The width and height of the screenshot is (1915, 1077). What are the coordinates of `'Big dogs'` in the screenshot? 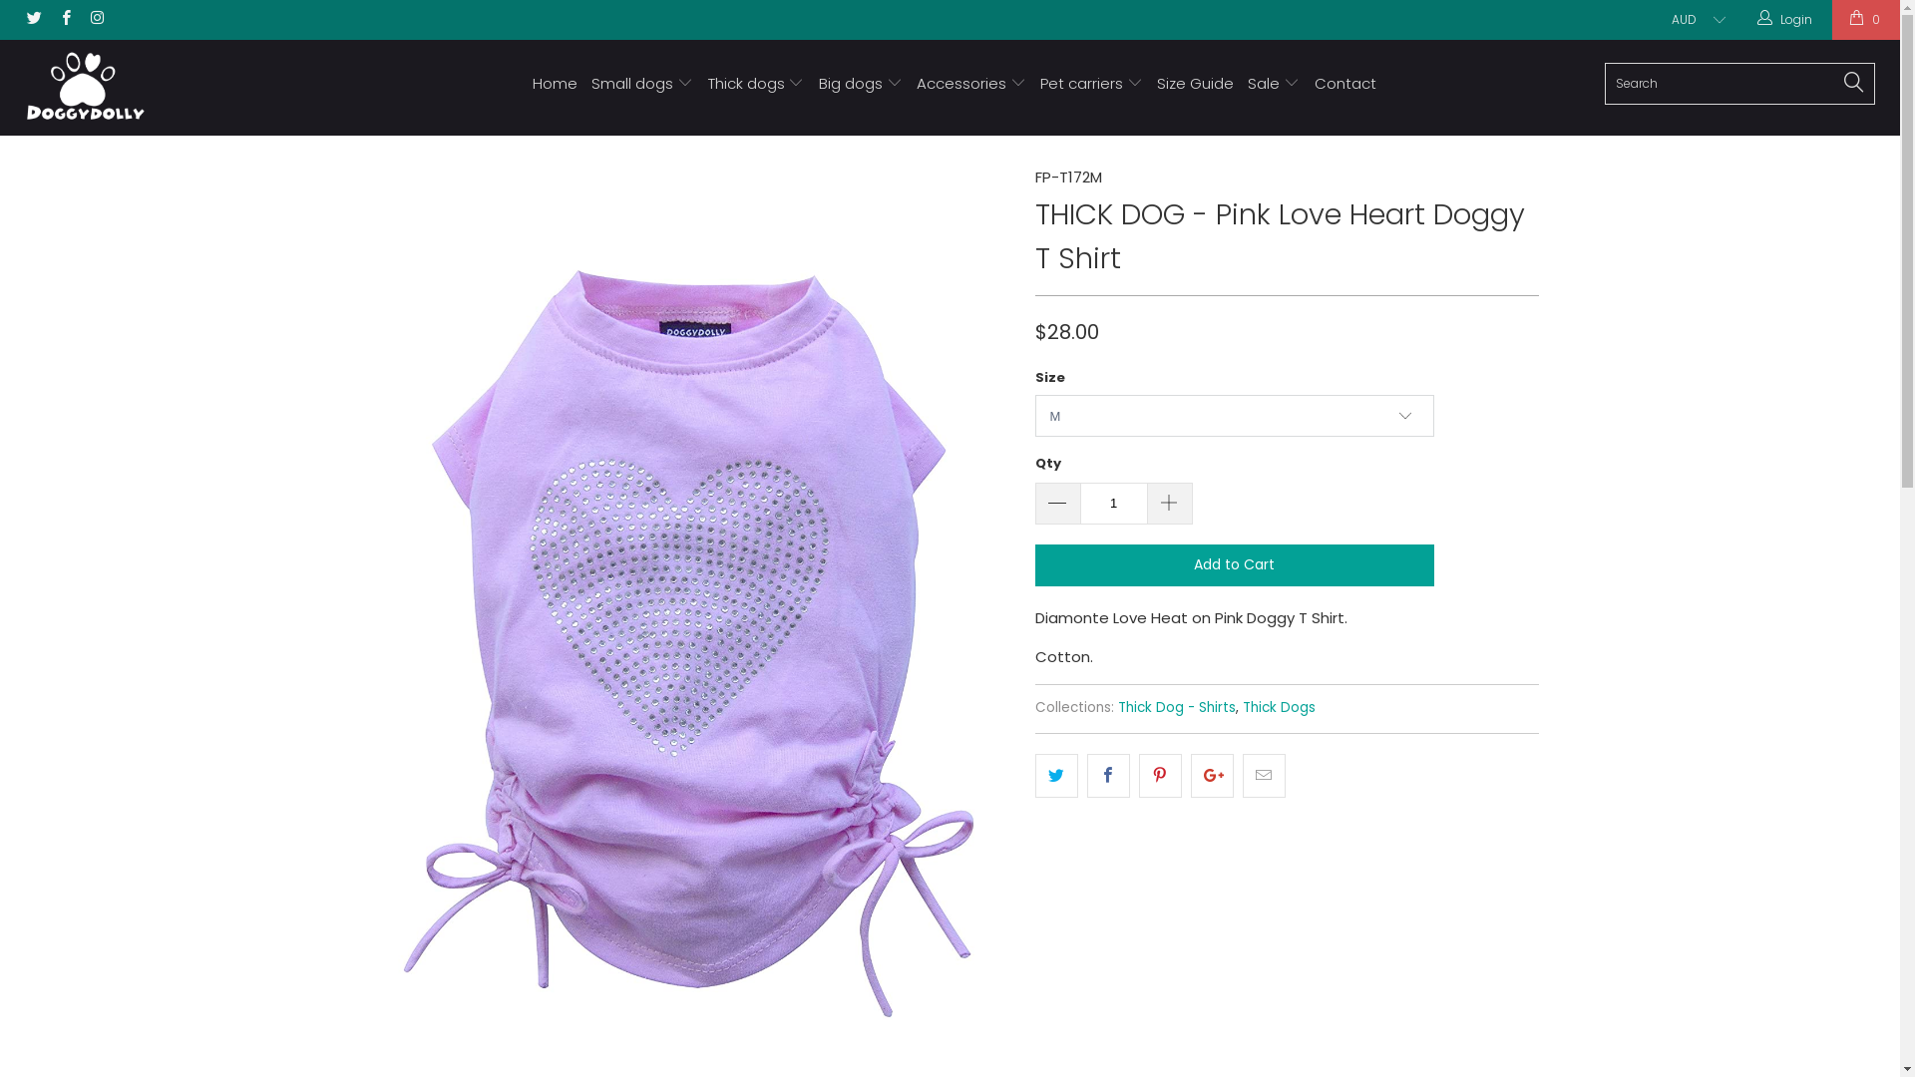 It's located at (861, 83).